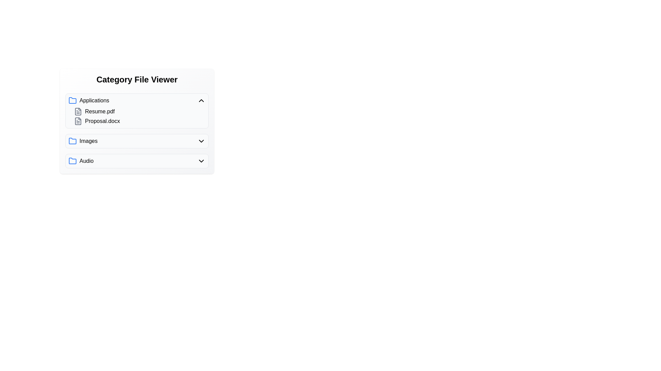 The width and height of the screenshot is (661, 371). Describe the element at coordinates (78, 111) in the screenshot. I see `the file icon for Resume.pdf` at that location.